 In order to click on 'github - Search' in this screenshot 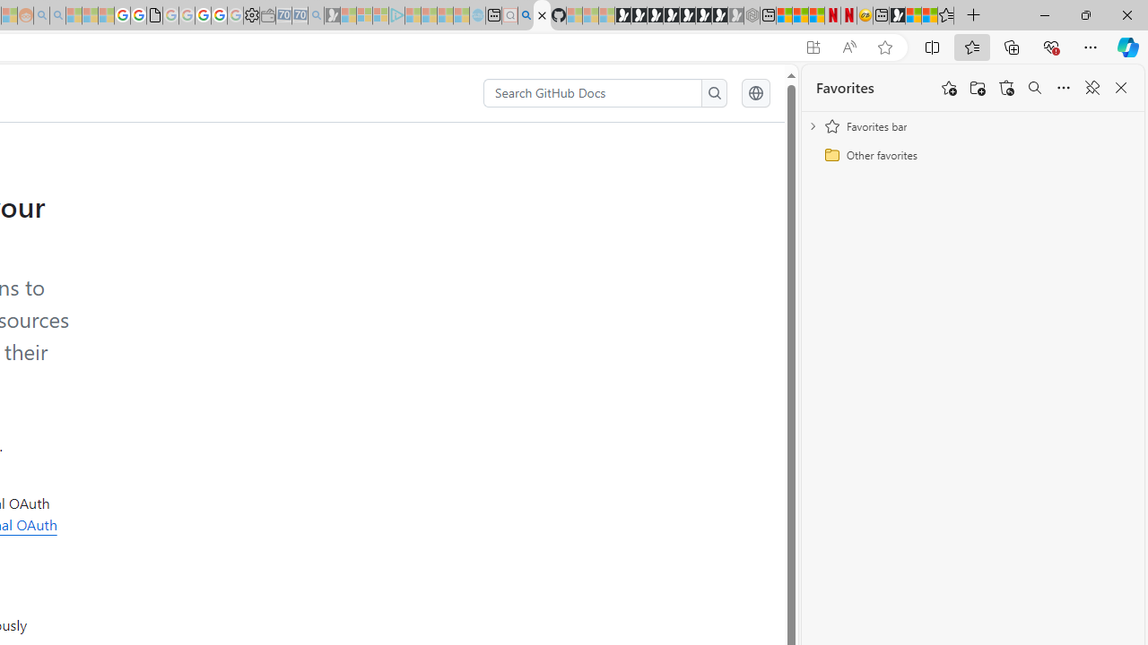, I will do `click(525, 15)`.